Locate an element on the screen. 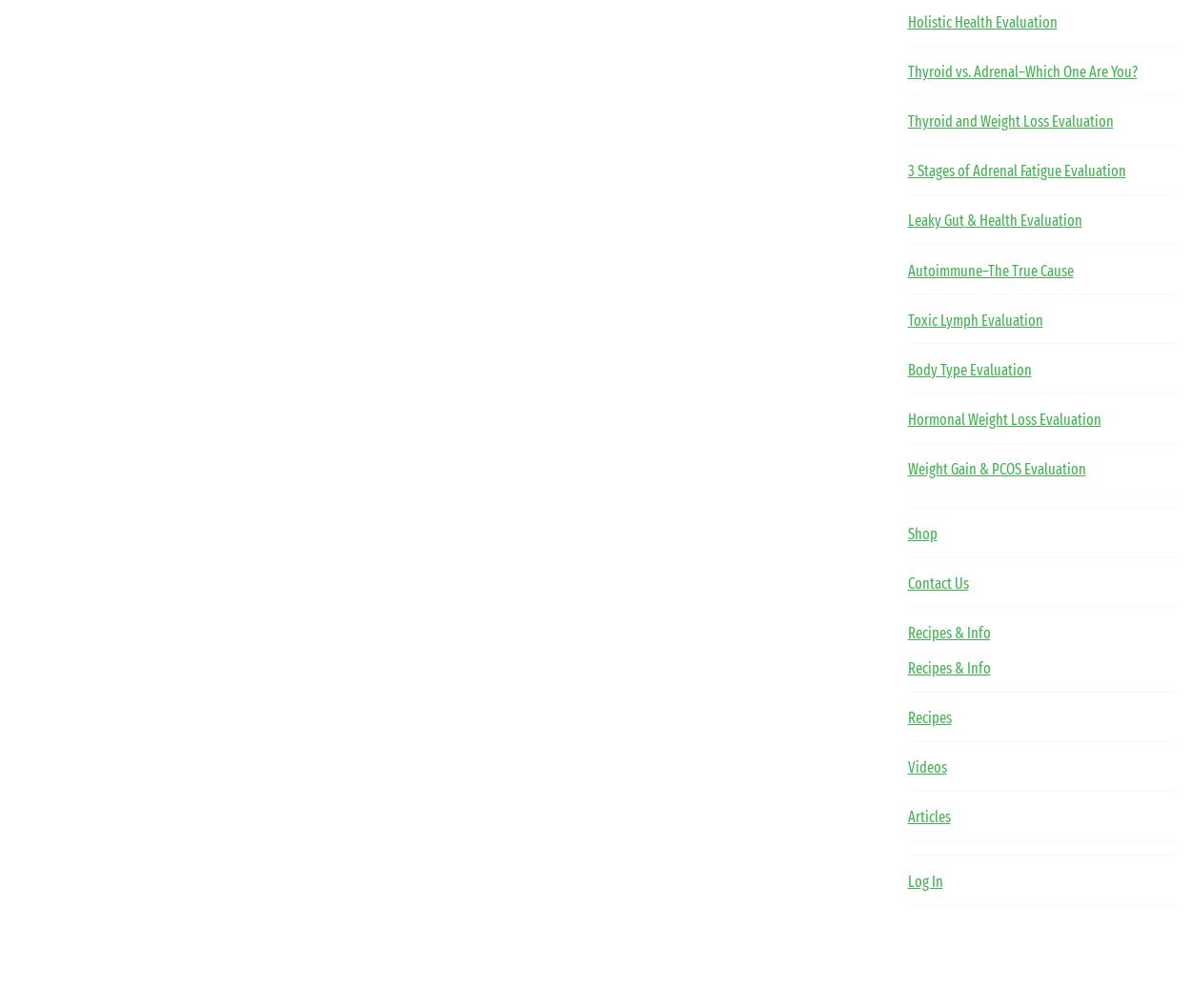 The width and height of the screenshot is (1191, 987). 'Articles' is located at coordinates (927, 816).